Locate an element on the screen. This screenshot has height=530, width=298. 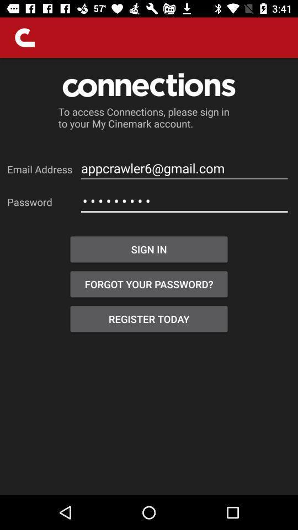
icon below forgot your password? item is located at coordinates (149, 319).